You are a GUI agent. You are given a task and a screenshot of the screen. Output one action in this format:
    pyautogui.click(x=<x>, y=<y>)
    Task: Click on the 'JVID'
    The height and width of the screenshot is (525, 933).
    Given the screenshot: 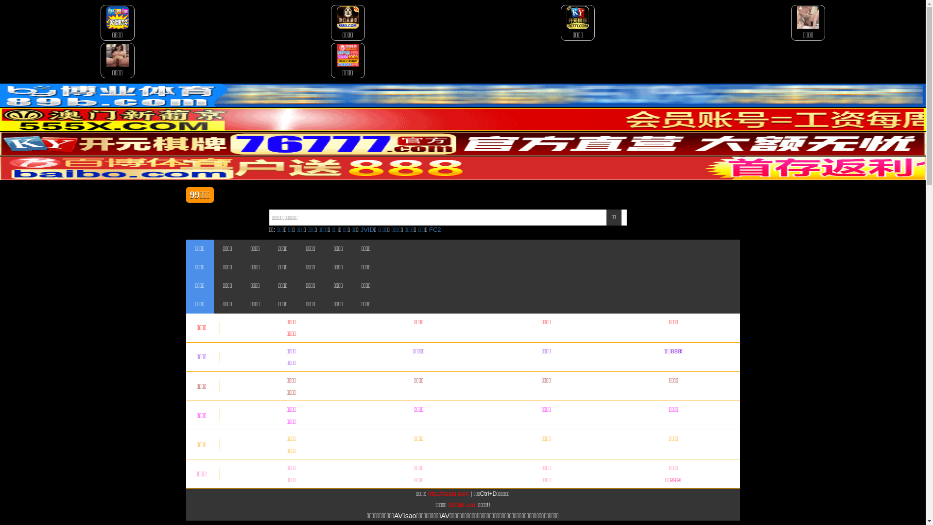 What is the action you would take?
    pyautogui.click(x=360, y=229)
    